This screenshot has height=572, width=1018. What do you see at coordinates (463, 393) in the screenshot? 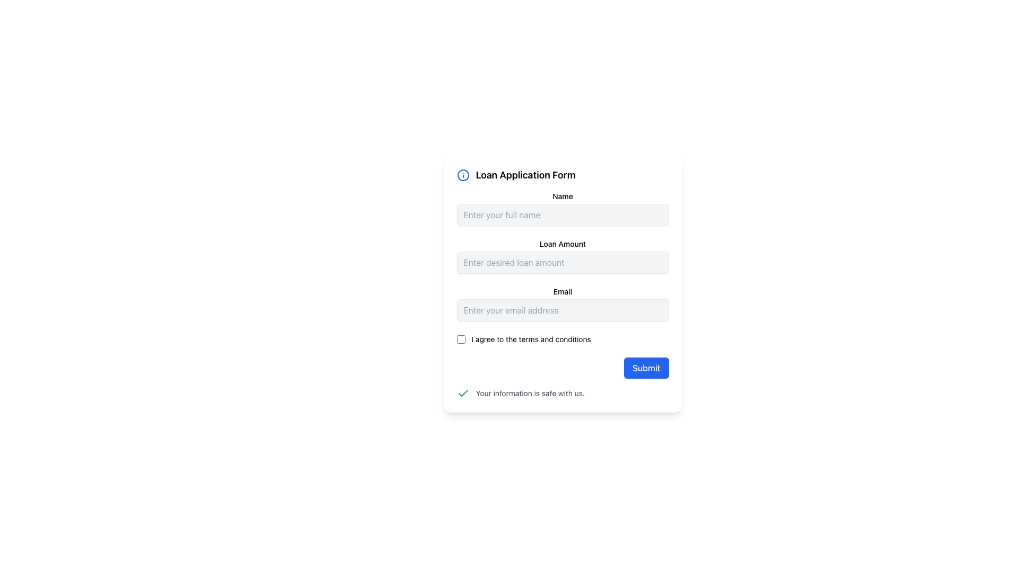
I see `the green checkmark icon indicating confirmation, located below the 'I agree to the terms and conditions' checkbox and next to the text 'Your information is safe with us.' in the loan application form` at bounding box center [463, 393].